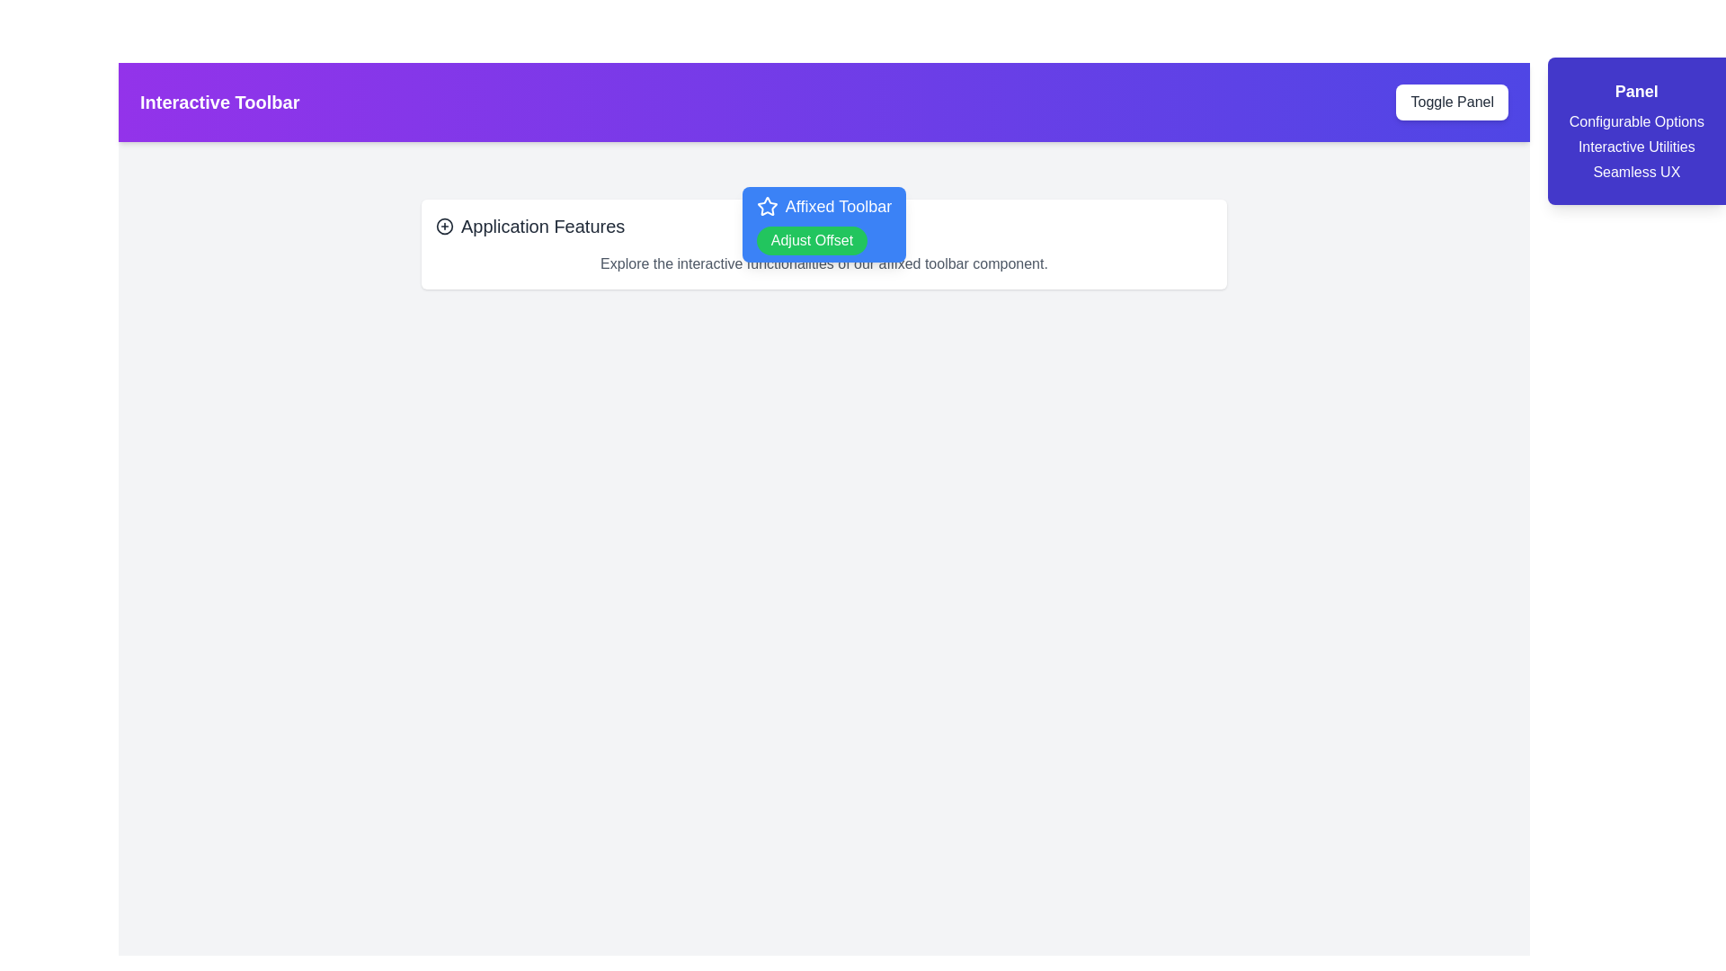 This screenshot has height=971, width=1726. I want to click on the star-shaped icon with a stroke-style design located at the leftmost side of the Affixed Toolbar section as a visual indicator, so click(767, 206).